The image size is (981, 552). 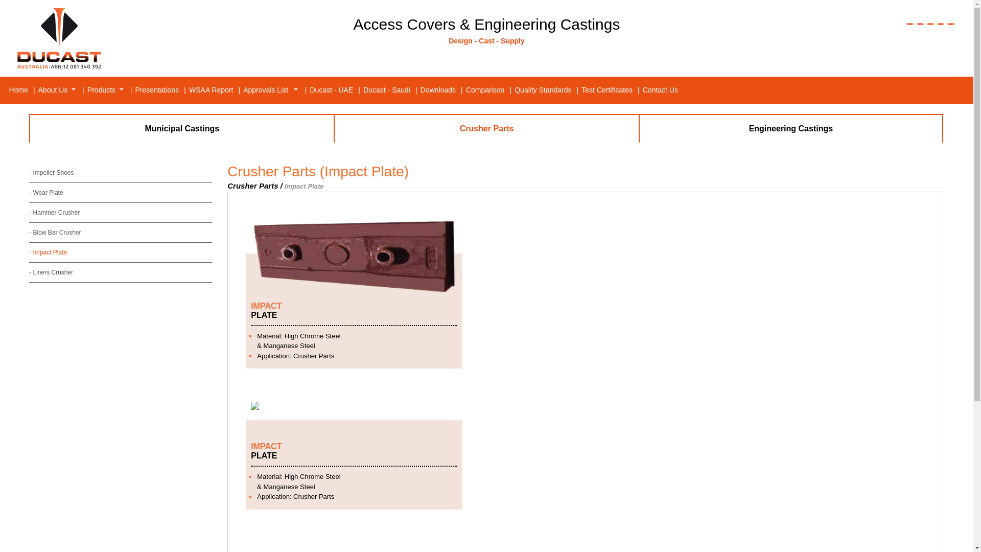 I want to click on 'Comparison|', so click(x=488, y=89).